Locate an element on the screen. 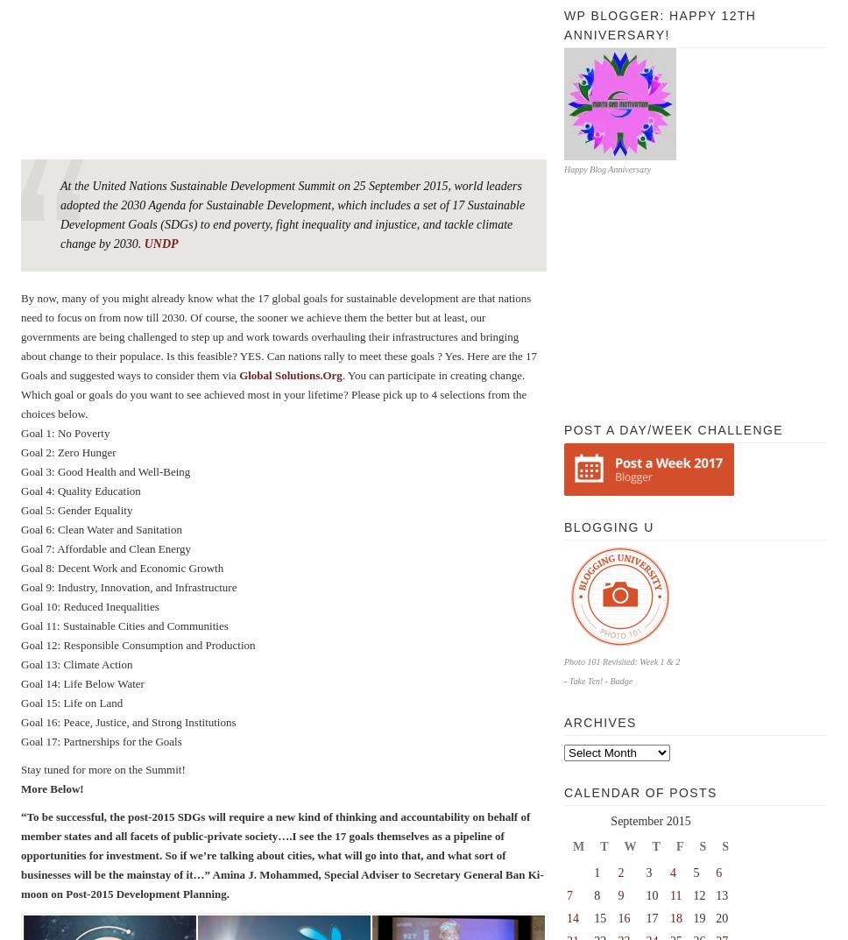 Image resolution: width=848 pixels, height=940 pixels. '4' is located at coordinates (671, 872).